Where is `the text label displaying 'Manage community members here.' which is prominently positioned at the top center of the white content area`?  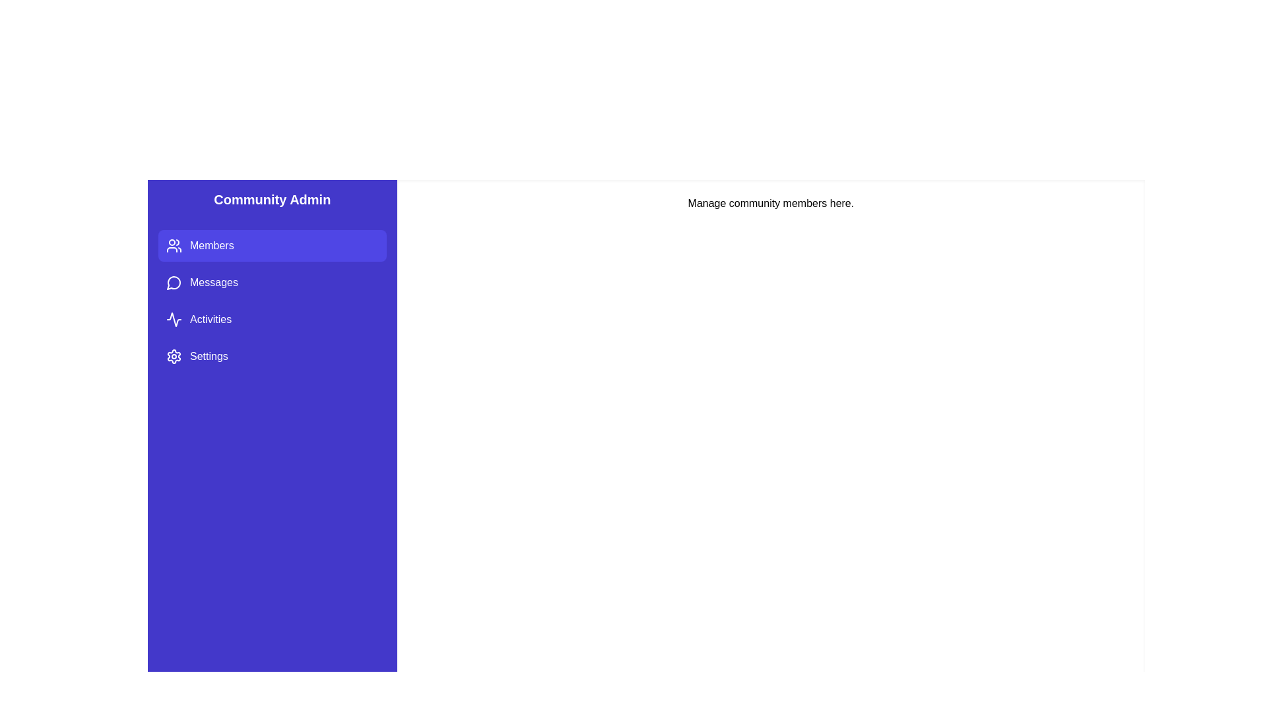
the text label displaying 'Manage community members here.' which is prominently positioned at the top center of the white content area is located at coordinates (771, 203).